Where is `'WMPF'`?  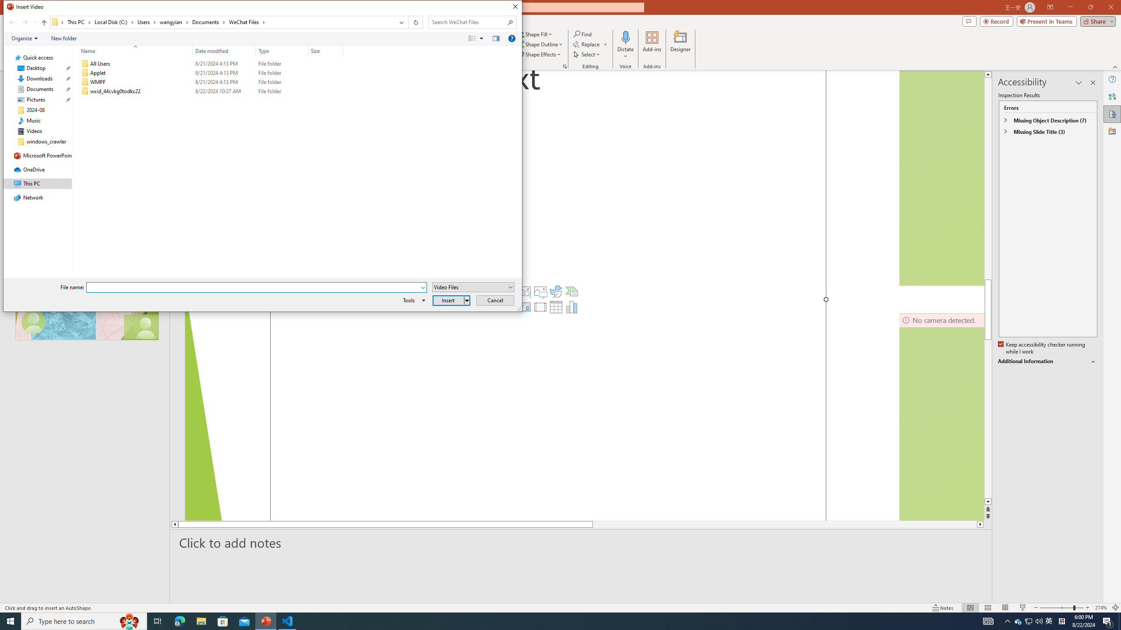 'WMPF' is located at coordinates (211, 82).